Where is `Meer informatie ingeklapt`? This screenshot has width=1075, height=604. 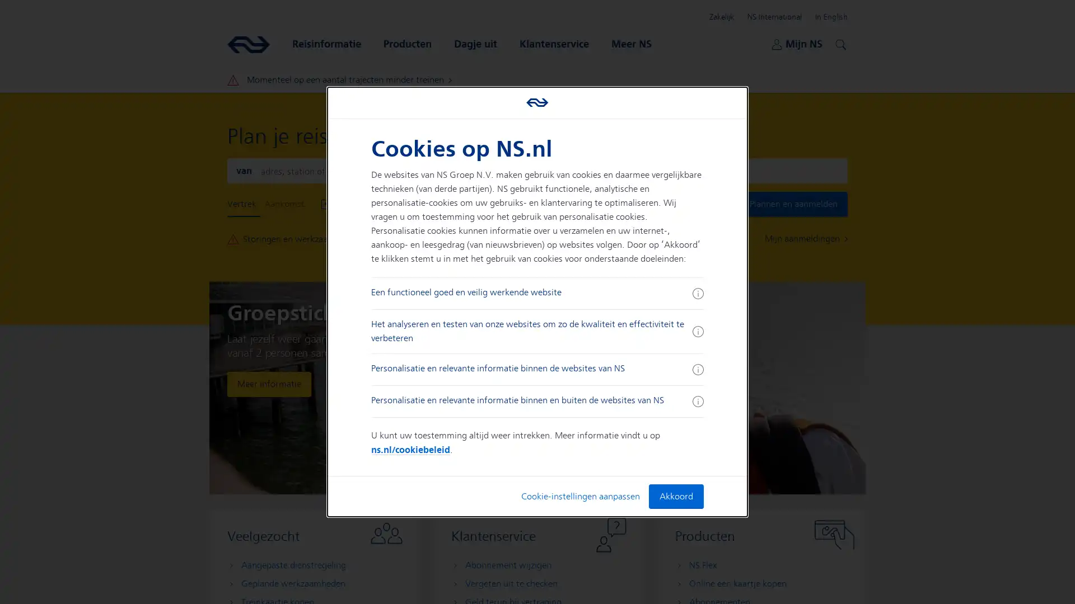 Meer informatie ingeklapt is located at coordinates (697, 369).